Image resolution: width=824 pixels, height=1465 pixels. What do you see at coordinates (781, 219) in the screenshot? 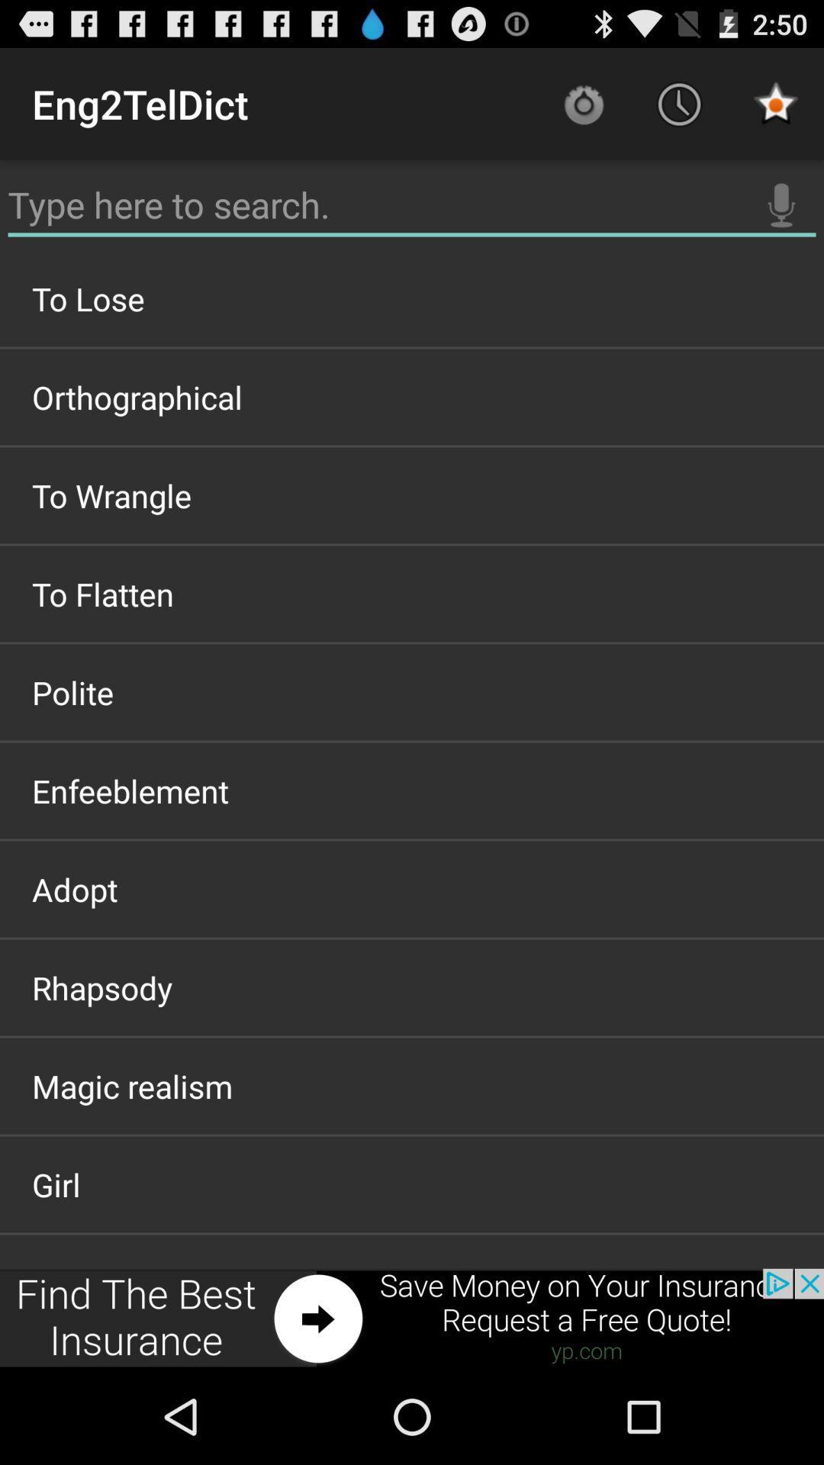
I see `the microphone icon` at bounding box center [781, 219].